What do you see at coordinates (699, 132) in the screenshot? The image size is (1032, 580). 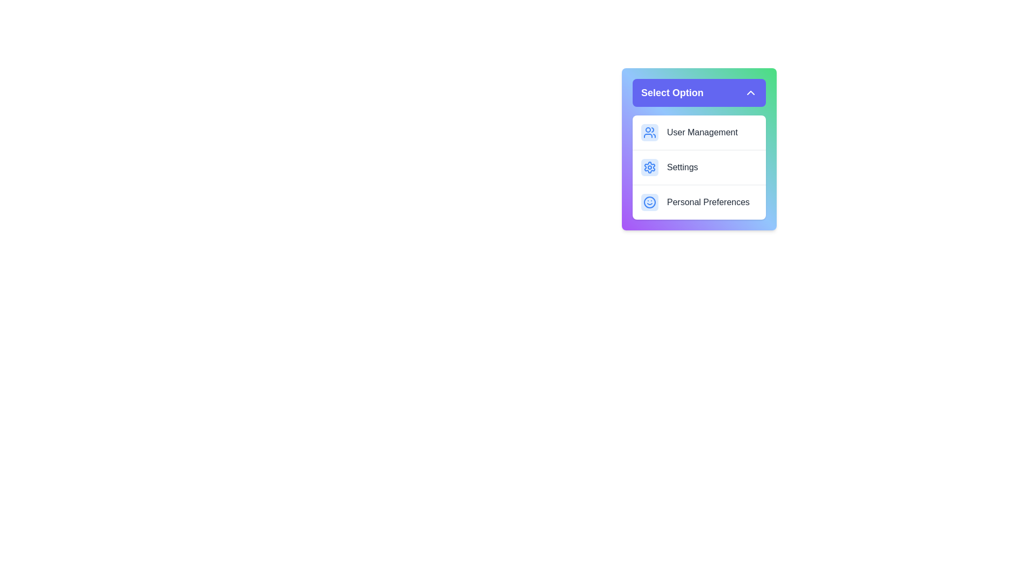 I see `the 'User Management' option in the dropdown menu titled 'Select Option', which is the first item in a vertically stacked layout` at bounding box center [699, 132].